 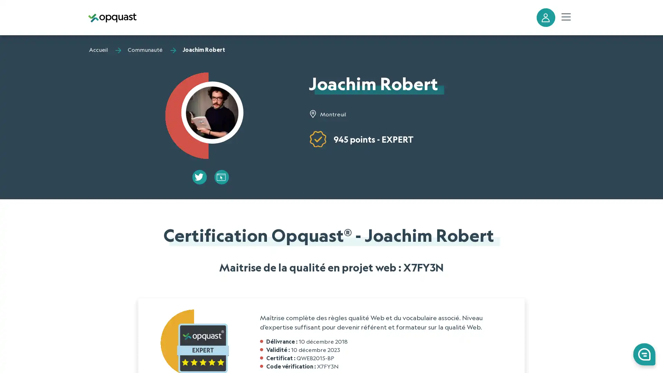 I want to click on Launch Front Chat, so click(x=644, y=354).